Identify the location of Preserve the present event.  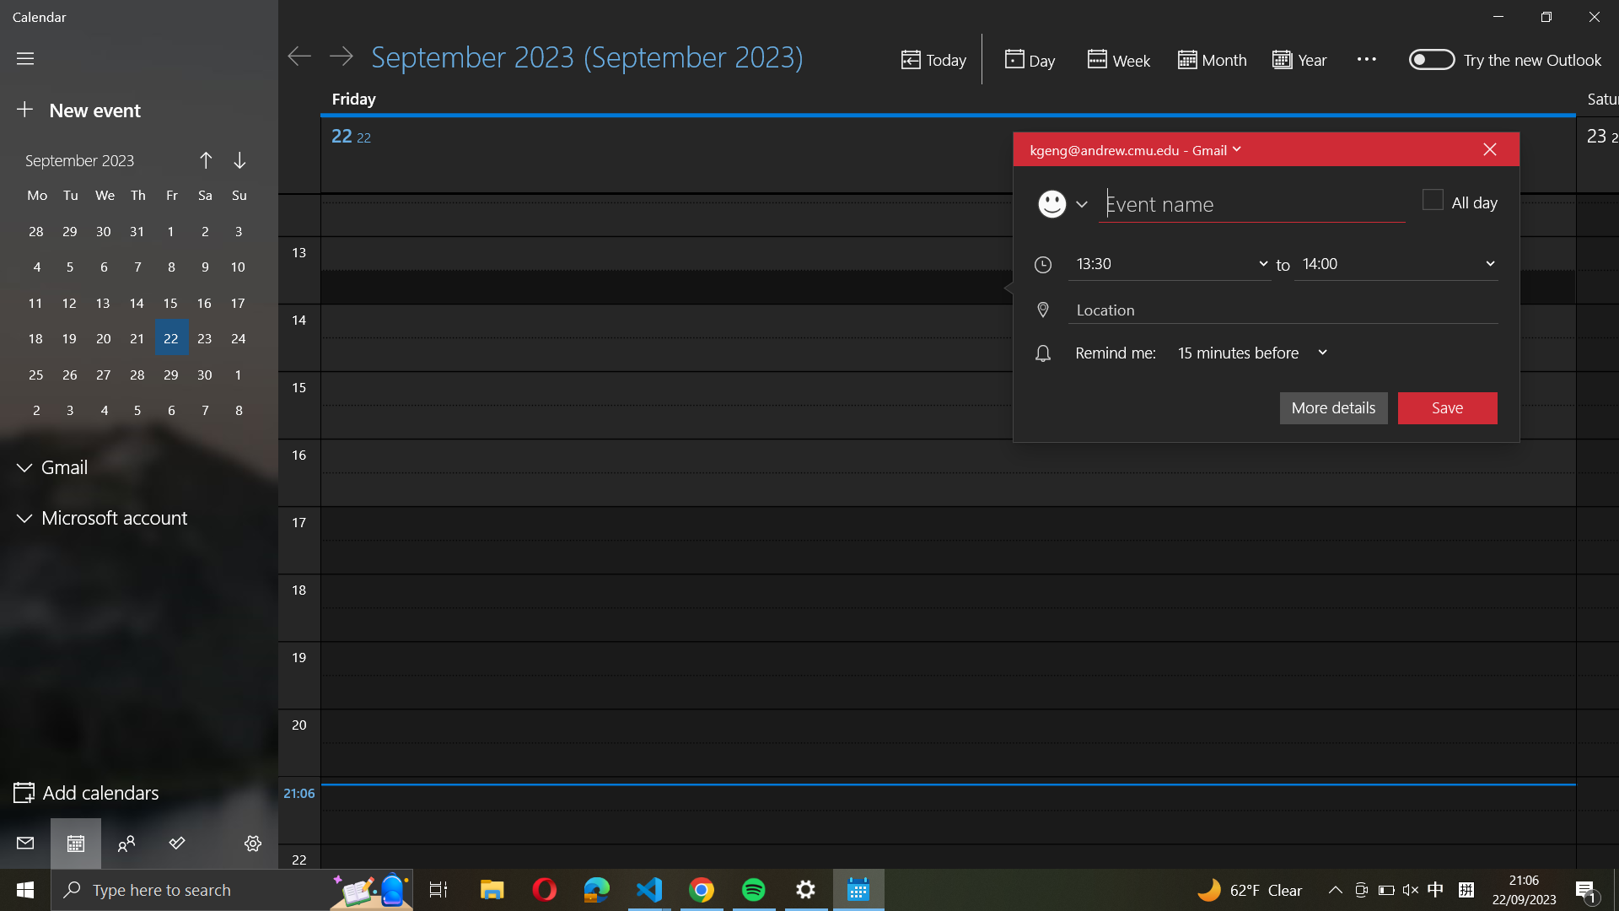
(1447, 407).